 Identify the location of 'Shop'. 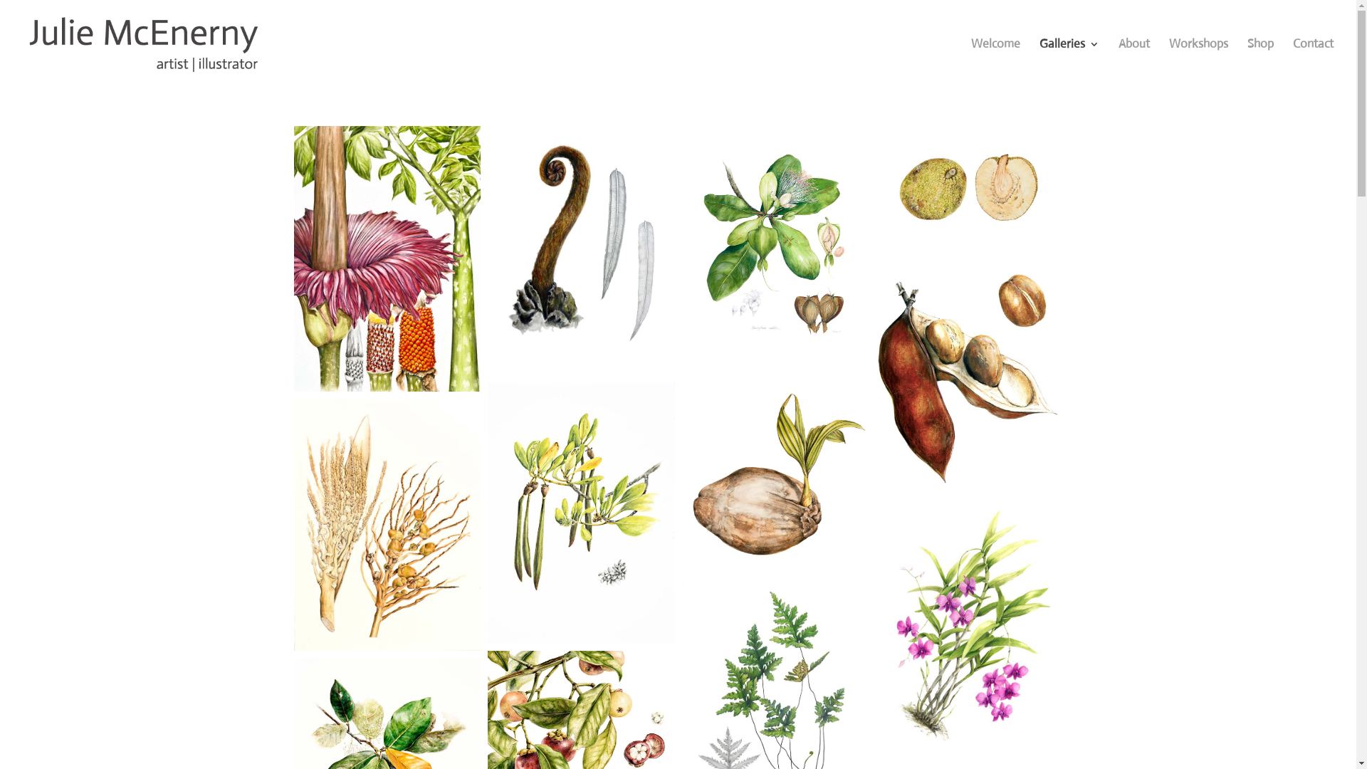
(1260, 63).